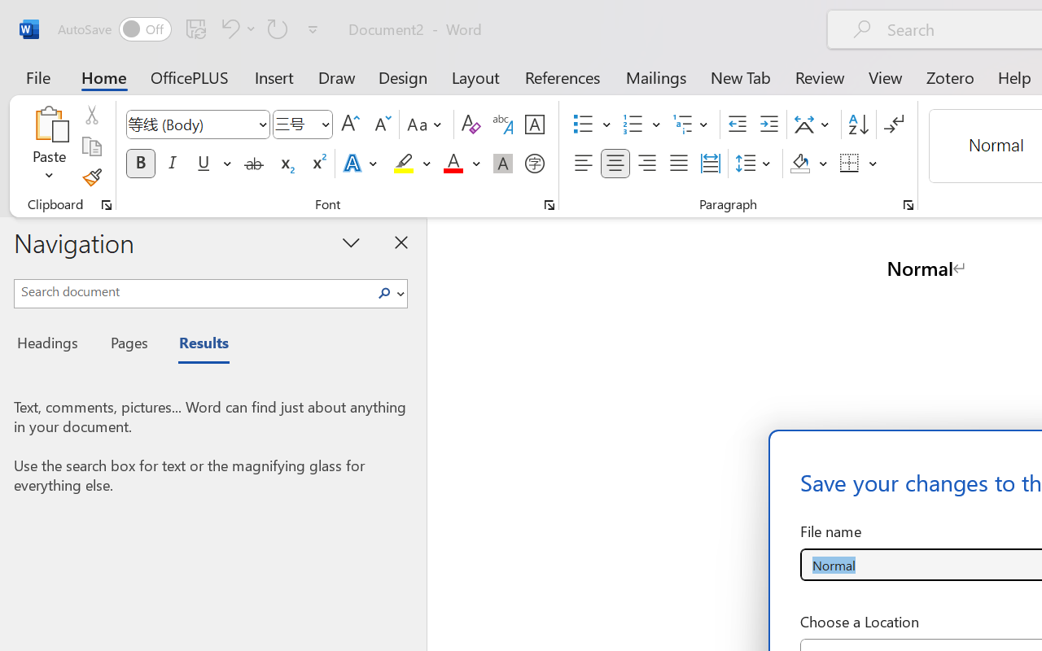 The image size is (1042, 651). I want to click on 'Save', so click(195, 28).